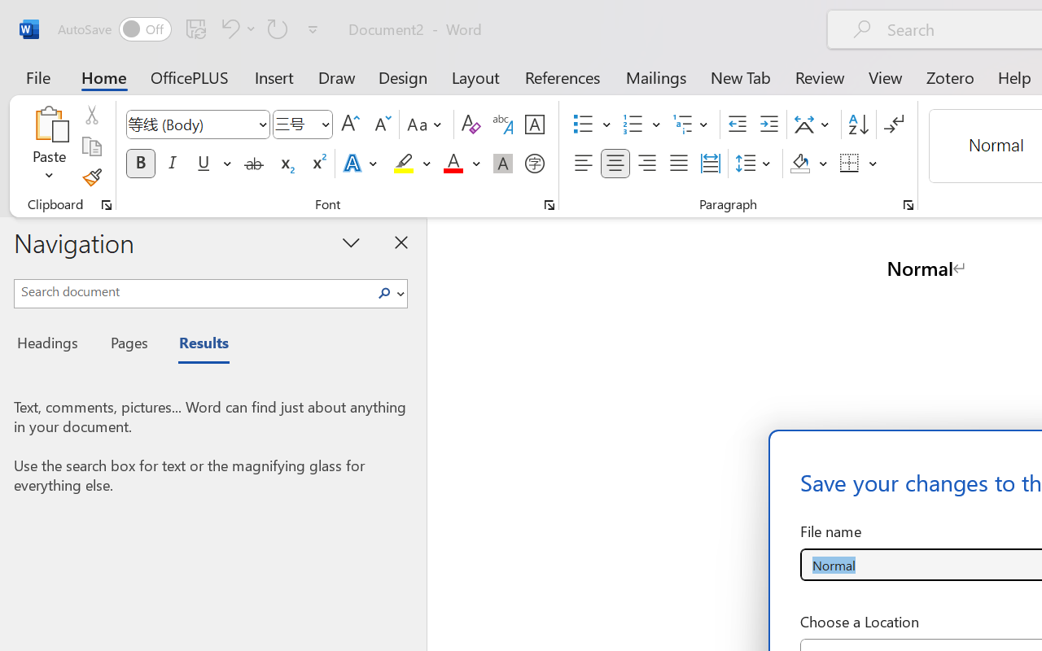 The image size is (1042, 651). I want to click on 'Save', so click(195, 28).